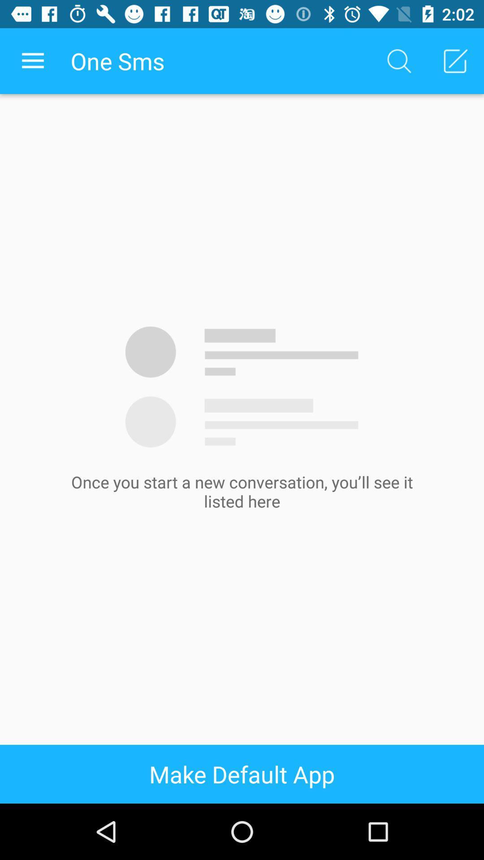  Describe the element at coordinates (32, 60) in the screenshot. I see `the app to the left of the one sms icon` at that location.